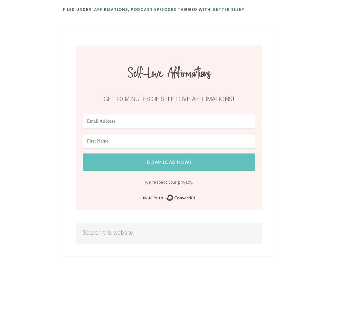 The image size is (338, 323). Describe the element at coordinates (168, 73) in the screenshot. I see `'Self-Love Affirmations'` at that location.